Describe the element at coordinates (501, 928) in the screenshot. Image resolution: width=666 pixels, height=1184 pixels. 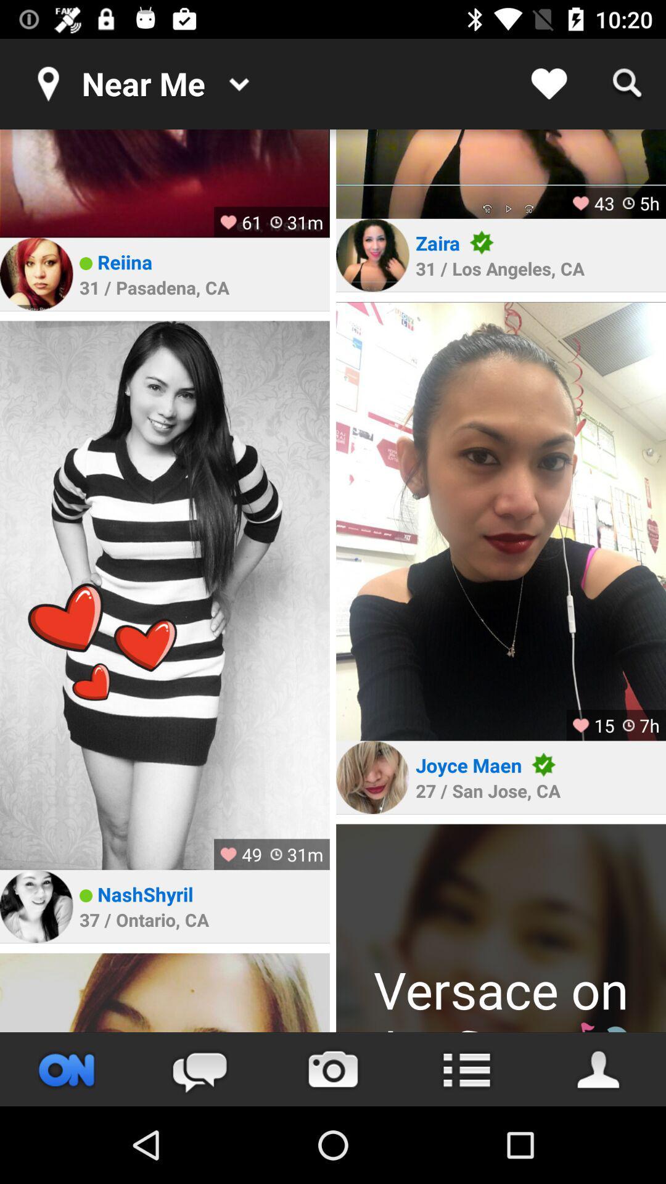
I see `open profile` at that location.